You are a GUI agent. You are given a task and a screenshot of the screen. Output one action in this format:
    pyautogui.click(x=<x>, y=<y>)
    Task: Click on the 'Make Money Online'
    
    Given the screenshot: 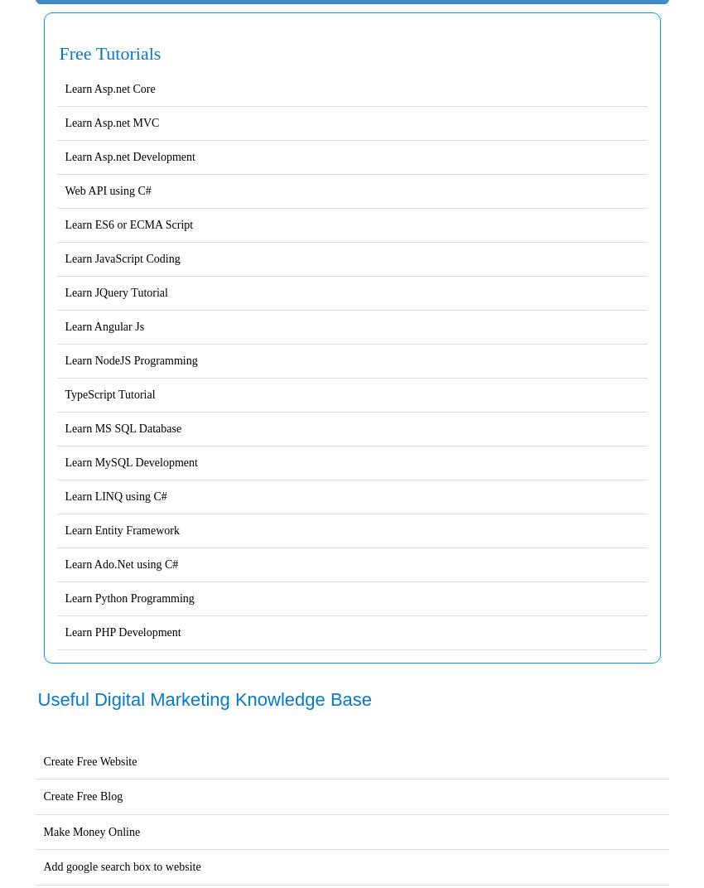 What is the action you would take?
    pyautogui.click(x=43, y=830)
    